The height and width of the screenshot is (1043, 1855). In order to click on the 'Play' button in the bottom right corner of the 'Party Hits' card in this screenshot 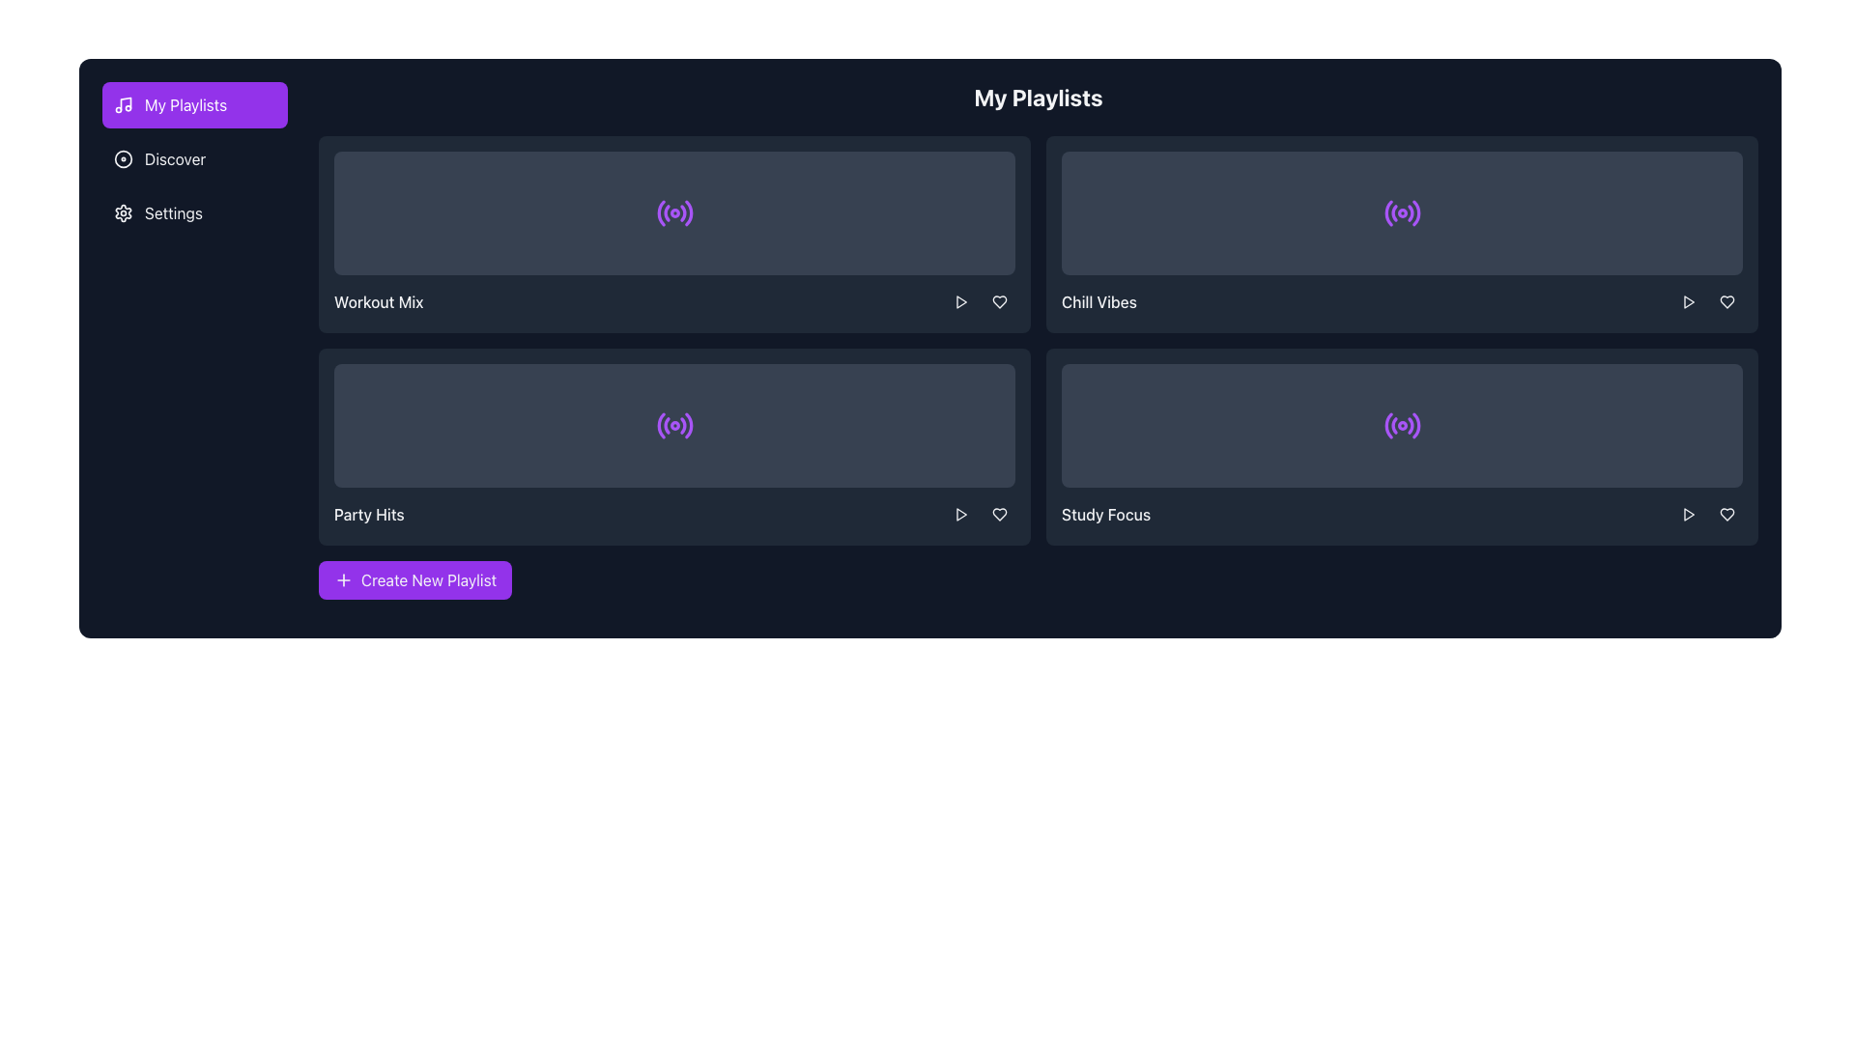, I will do `click(960, 513)`.